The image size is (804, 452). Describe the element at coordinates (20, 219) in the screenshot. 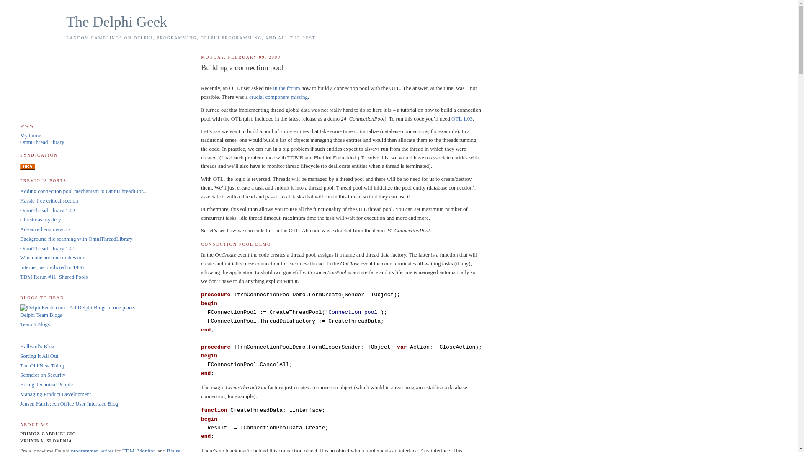

I see `'Christmas mystery'` at that location.